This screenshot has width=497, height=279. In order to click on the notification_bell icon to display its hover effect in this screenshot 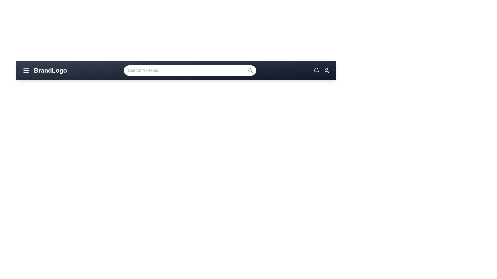, I will do `click(316, 71)`.